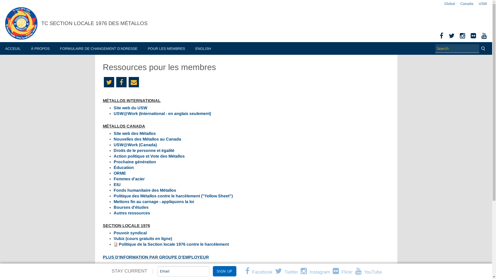 This screenshot has height=279, width=496. Describe the element at coordinates (120, 173) in the screenshot. I see `'ORME'` at that location.